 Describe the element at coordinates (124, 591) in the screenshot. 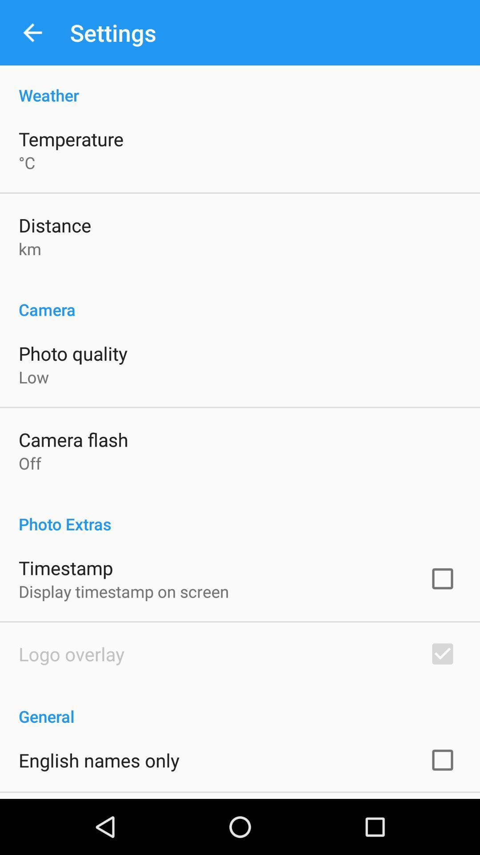

I see `item below the timestamp` at that location.